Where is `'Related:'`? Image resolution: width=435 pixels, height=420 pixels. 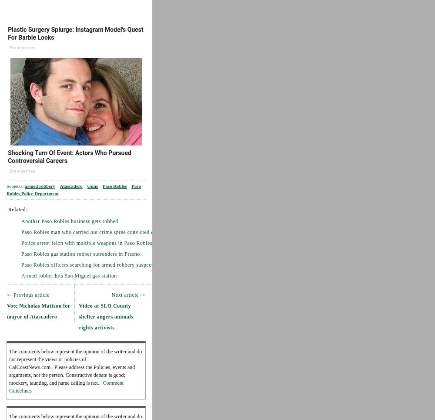 'Related:' is located at coordinates (17, 209).